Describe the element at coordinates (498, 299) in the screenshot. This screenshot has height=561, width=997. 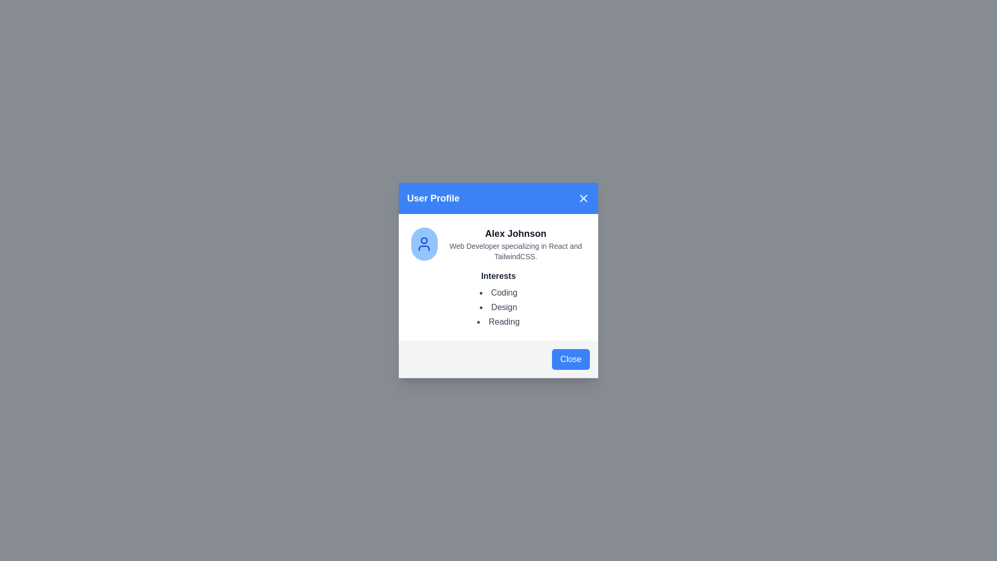
I see `the informational text area displaying the interests of user Alex Johnson, positioned below the developer bio text in the user profile modal` at that location.